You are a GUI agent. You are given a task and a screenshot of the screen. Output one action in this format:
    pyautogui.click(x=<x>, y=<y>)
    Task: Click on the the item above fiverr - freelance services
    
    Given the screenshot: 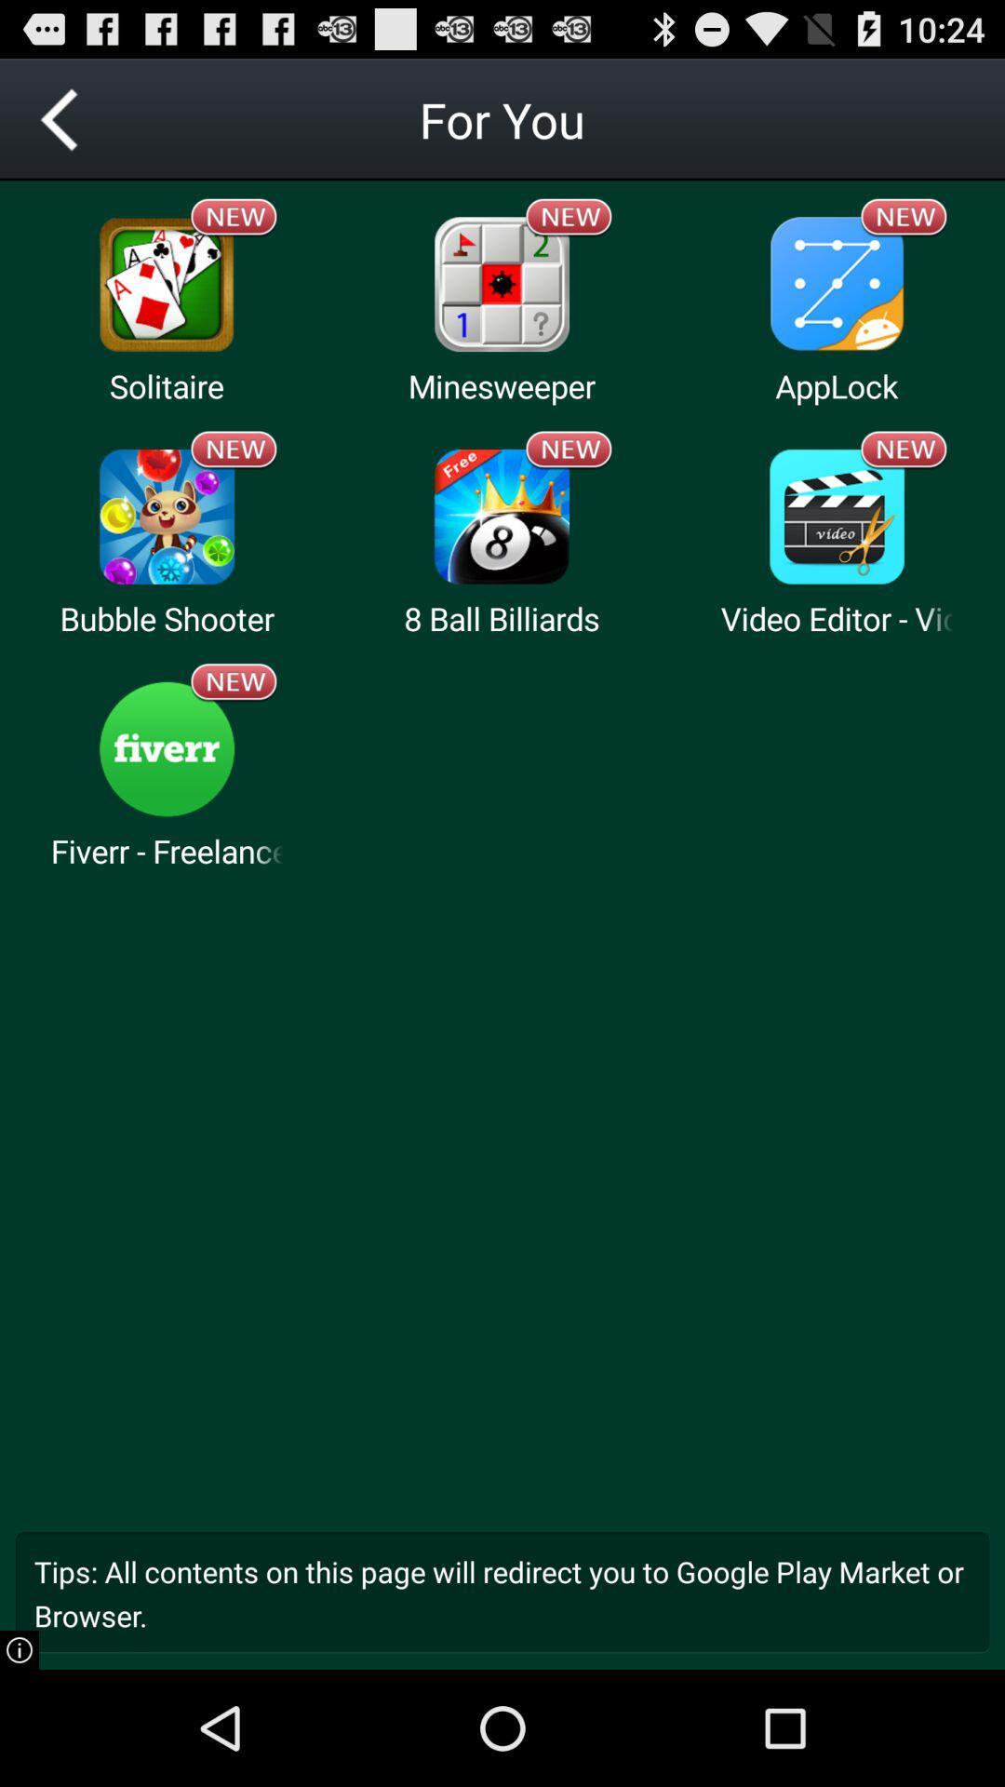 What is the action you would take?
    pyautogui.click(x=166, y=749)
    